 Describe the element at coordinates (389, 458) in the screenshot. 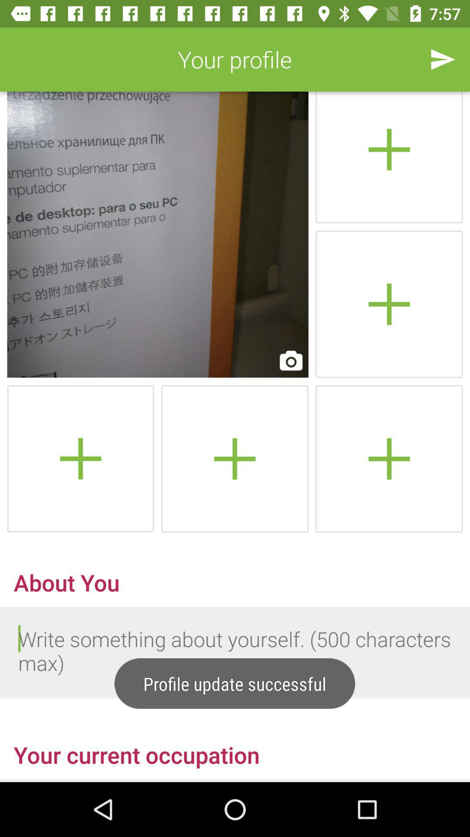

I see `profile pic` at that location.